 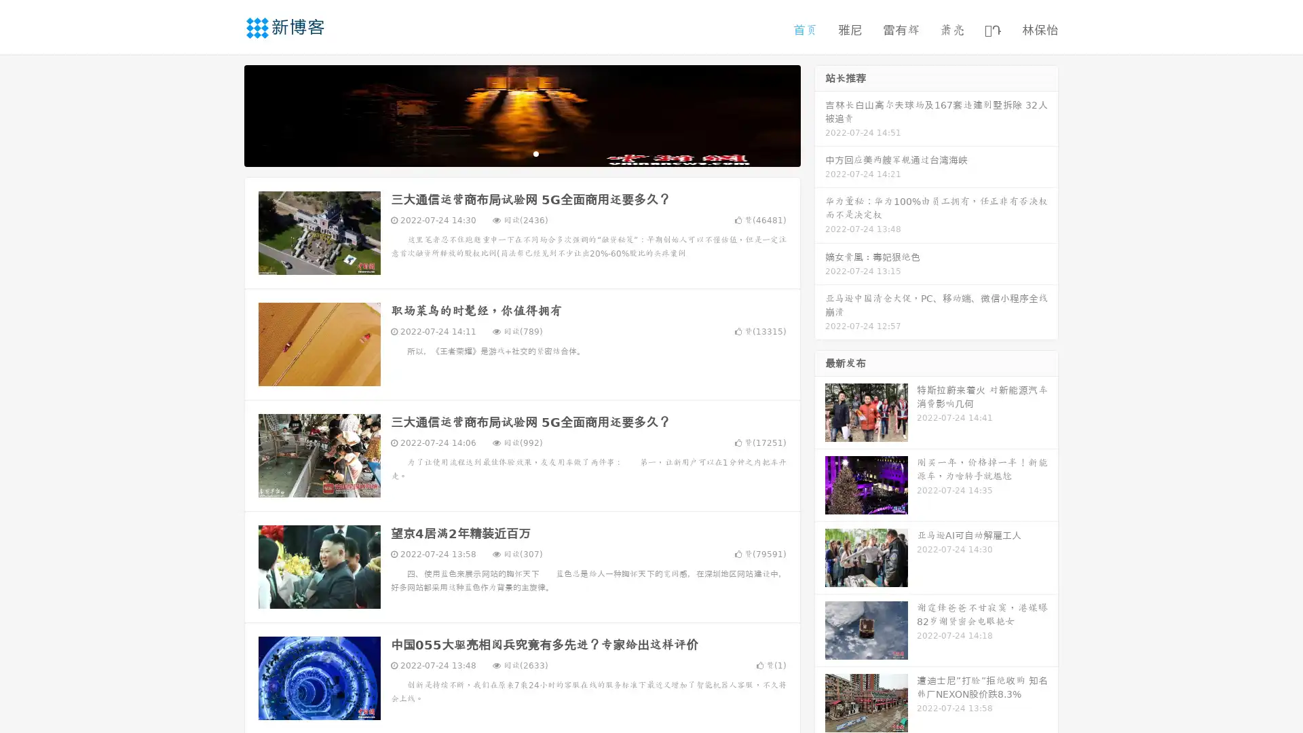 I want to click on Previous slide, so click(x=224, y=114).